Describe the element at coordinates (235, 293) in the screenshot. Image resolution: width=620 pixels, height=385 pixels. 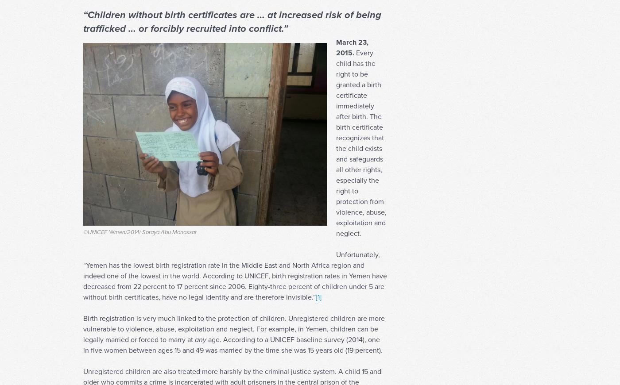
I see `'Unfortunately, “Yemen has the lowest birth registration rate in the Middle East and North Africa region and indeed one of the lowest in the world. According to UNICEF, birth registration rates in Yemen have decreased from 22 percent to 17 percent since 2006. Eighty-three percent of children under 5 are without birth certificates, have no legal identity and are therefore invisible.”'` at that location.